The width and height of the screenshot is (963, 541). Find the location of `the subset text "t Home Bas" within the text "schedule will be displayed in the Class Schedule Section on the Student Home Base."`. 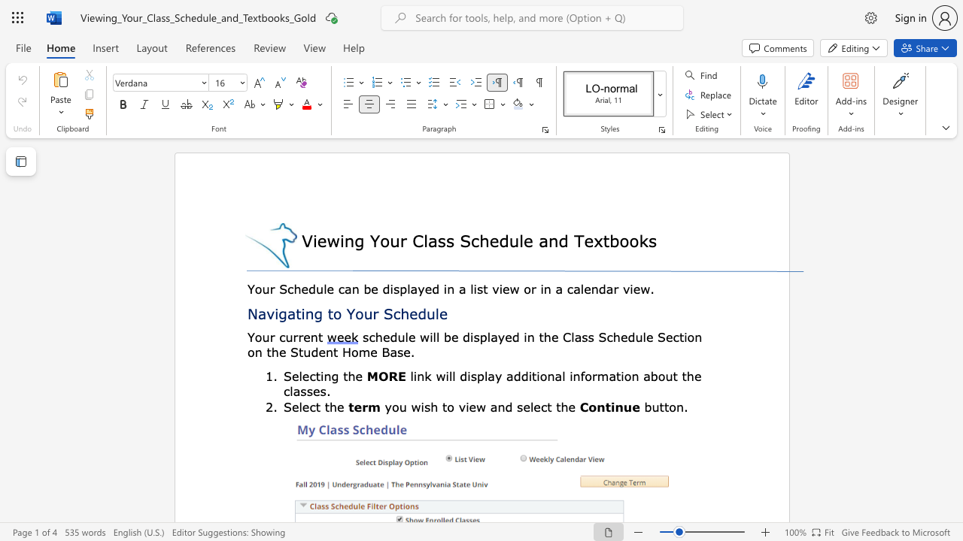

the subset text "t Home Bas" within the text "schedule will be displayed in the Class Schedule Section on the Student Home Base." is located at coordinates (333, 352).